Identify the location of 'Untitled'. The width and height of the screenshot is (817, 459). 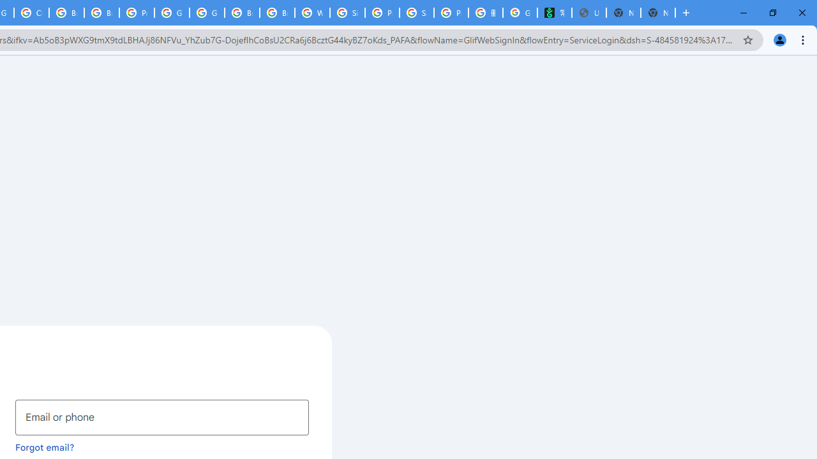
(588, 13).